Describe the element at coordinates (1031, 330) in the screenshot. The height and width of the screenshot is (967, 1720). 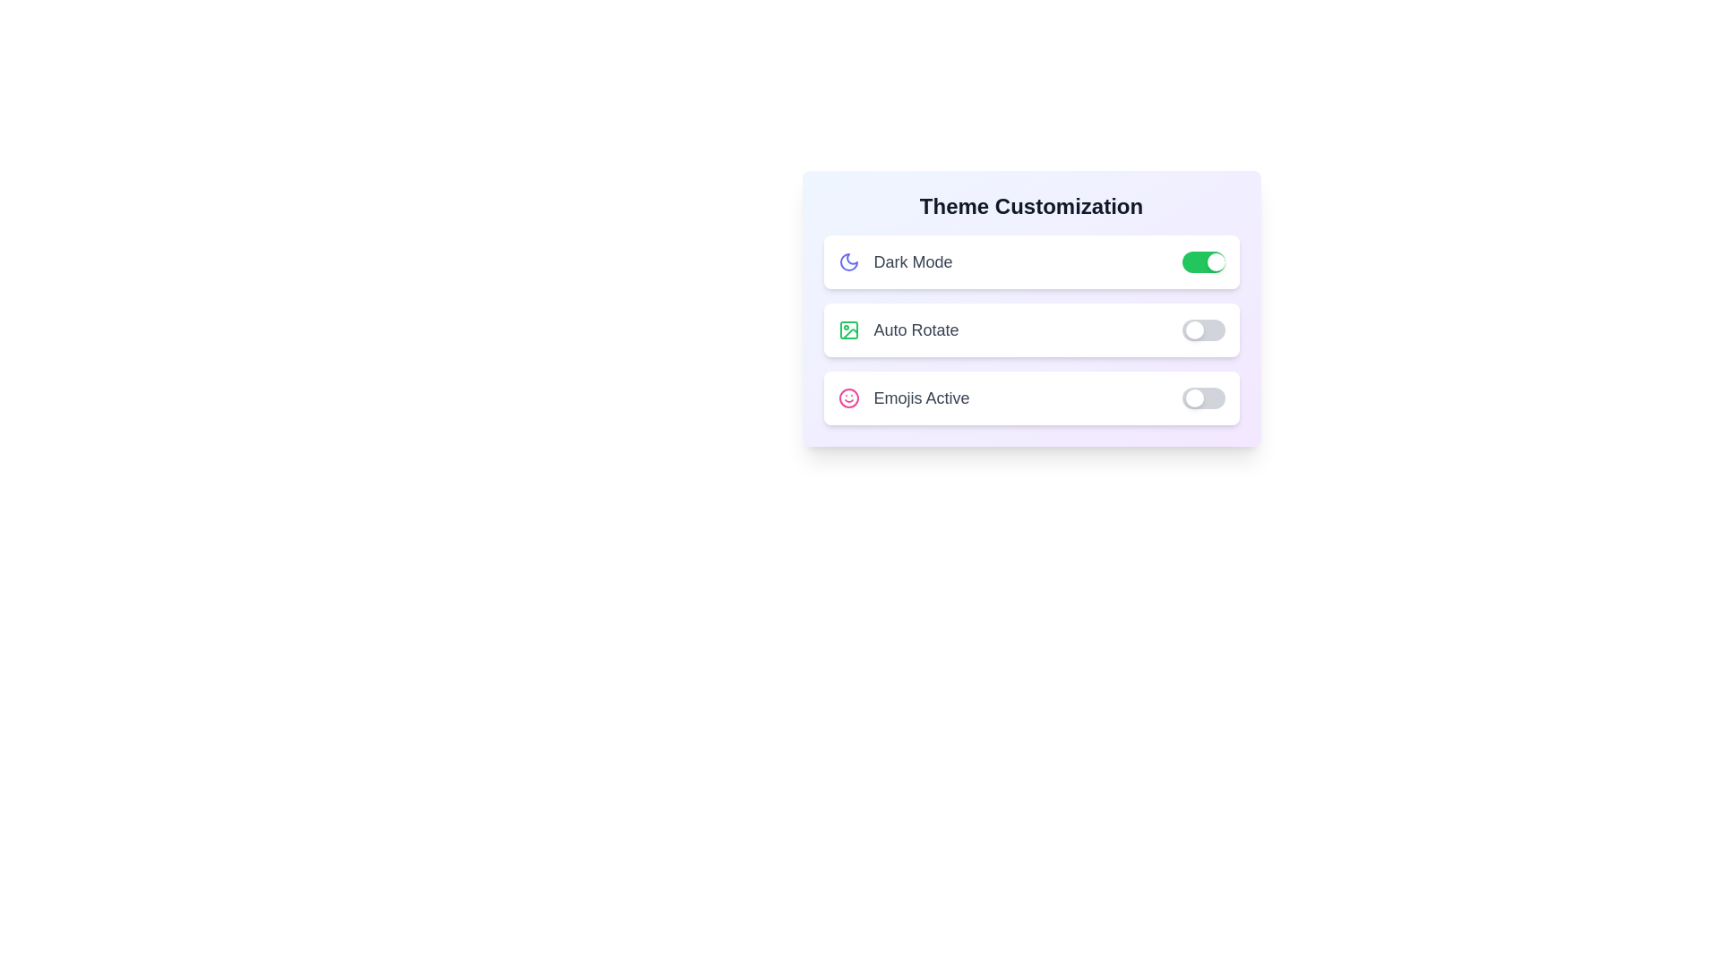
I see `the toggle switch for 'Auto Rotate' functionality located below 'Dark Mode' and above 'Emojis Active' to change its state` at that location.